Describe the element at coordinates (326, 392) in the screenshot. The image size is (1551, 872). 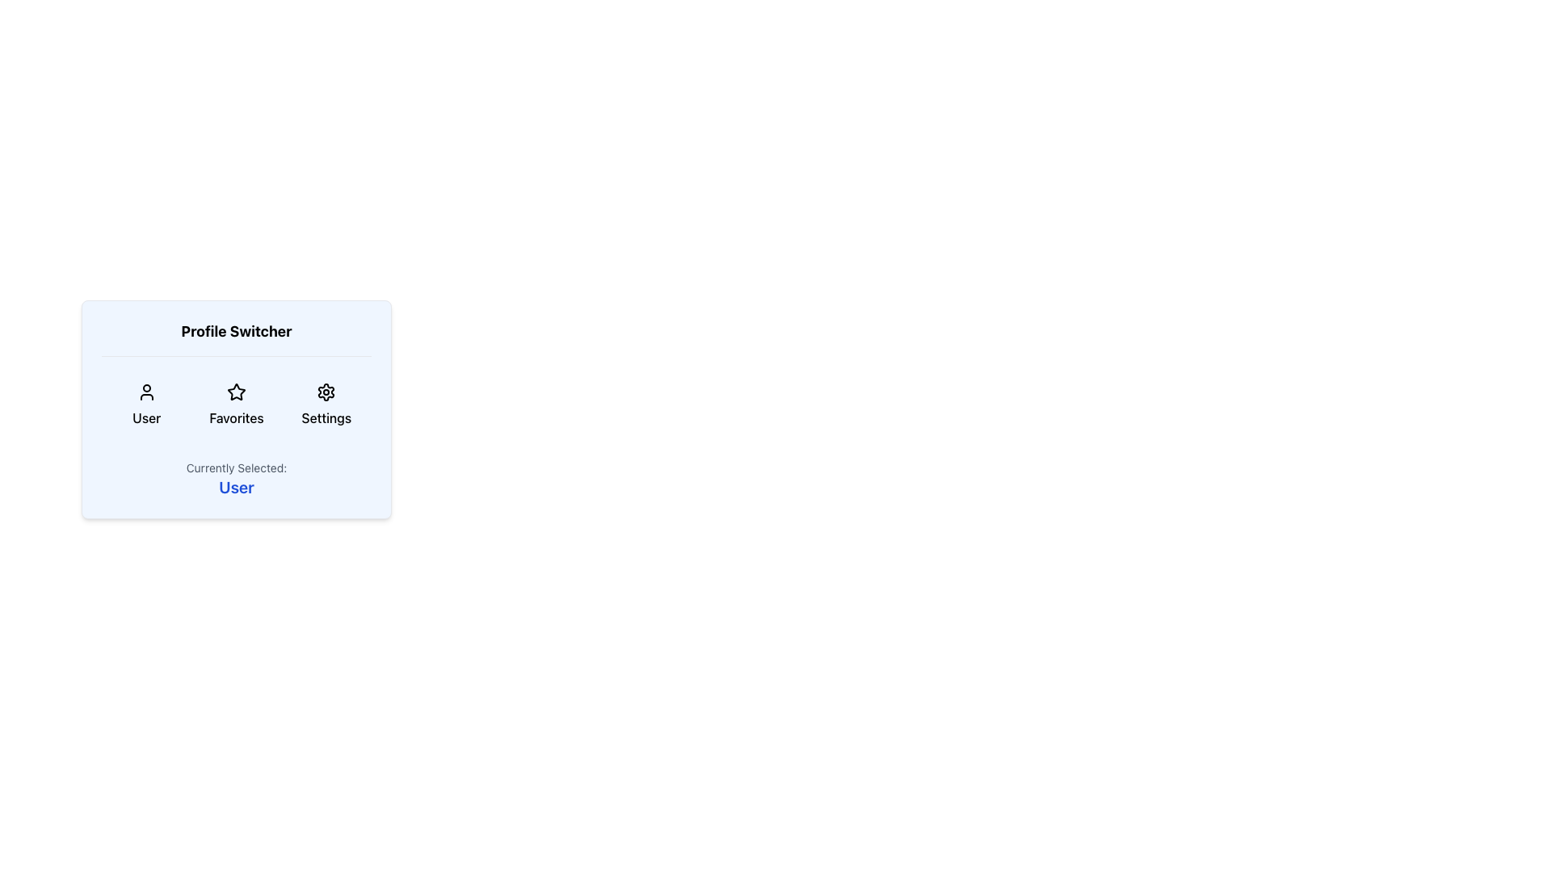
I see `the gear icon representing settings in the top-right area of the 'Profile Switcher' card` at that location.